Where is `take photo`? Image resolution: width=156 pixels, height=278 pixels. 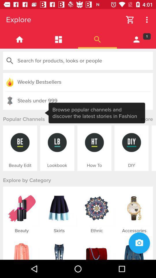 take photo is located at coordinates (139, 243).